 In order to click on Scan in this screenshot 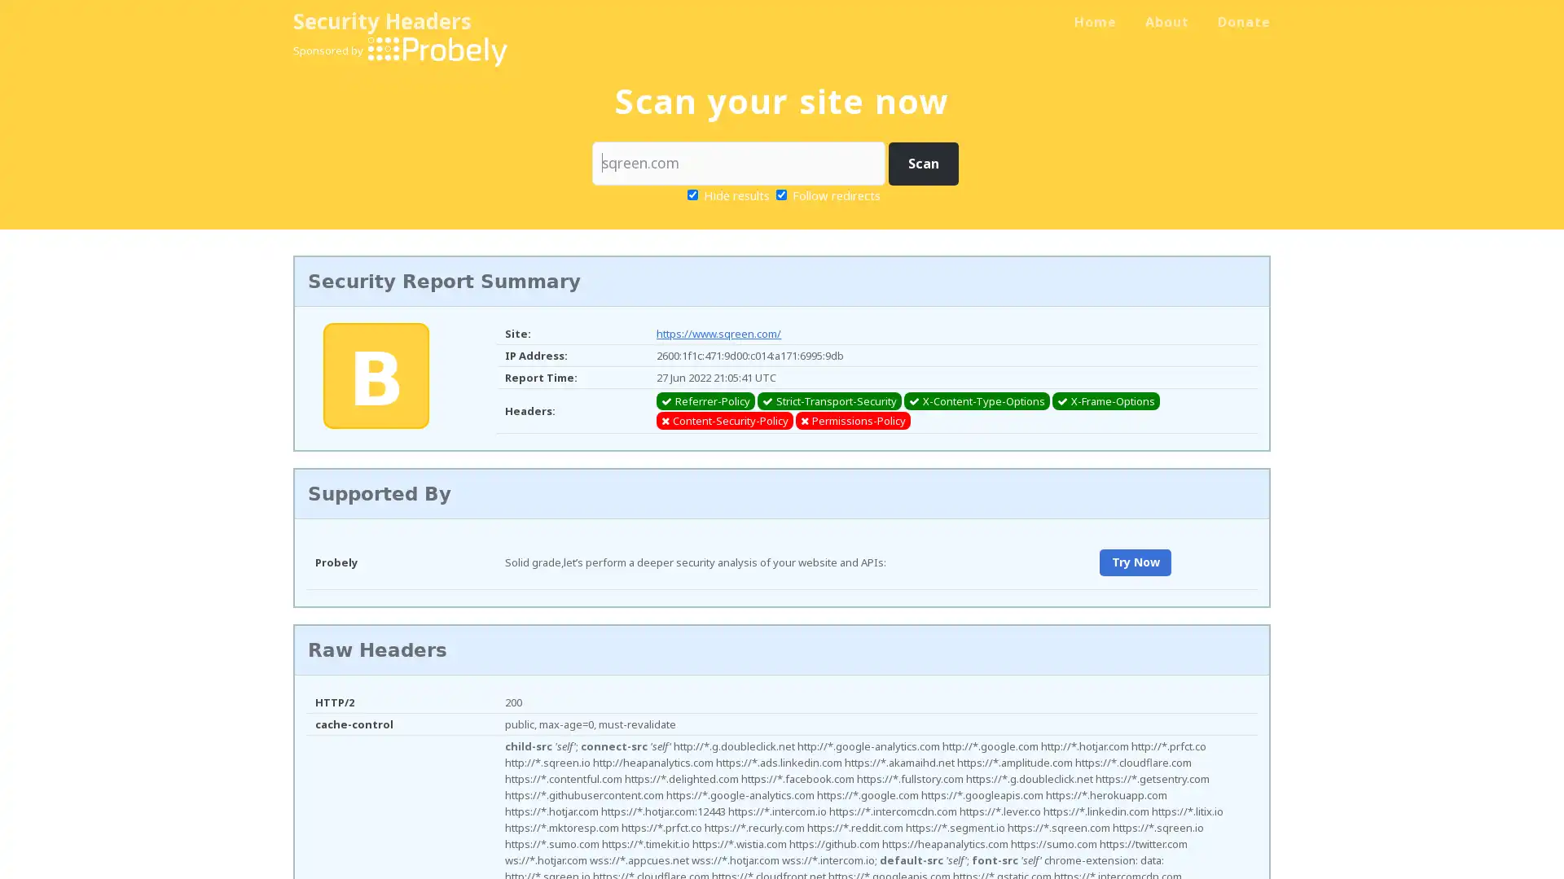, I will do `click(923, 164)`.